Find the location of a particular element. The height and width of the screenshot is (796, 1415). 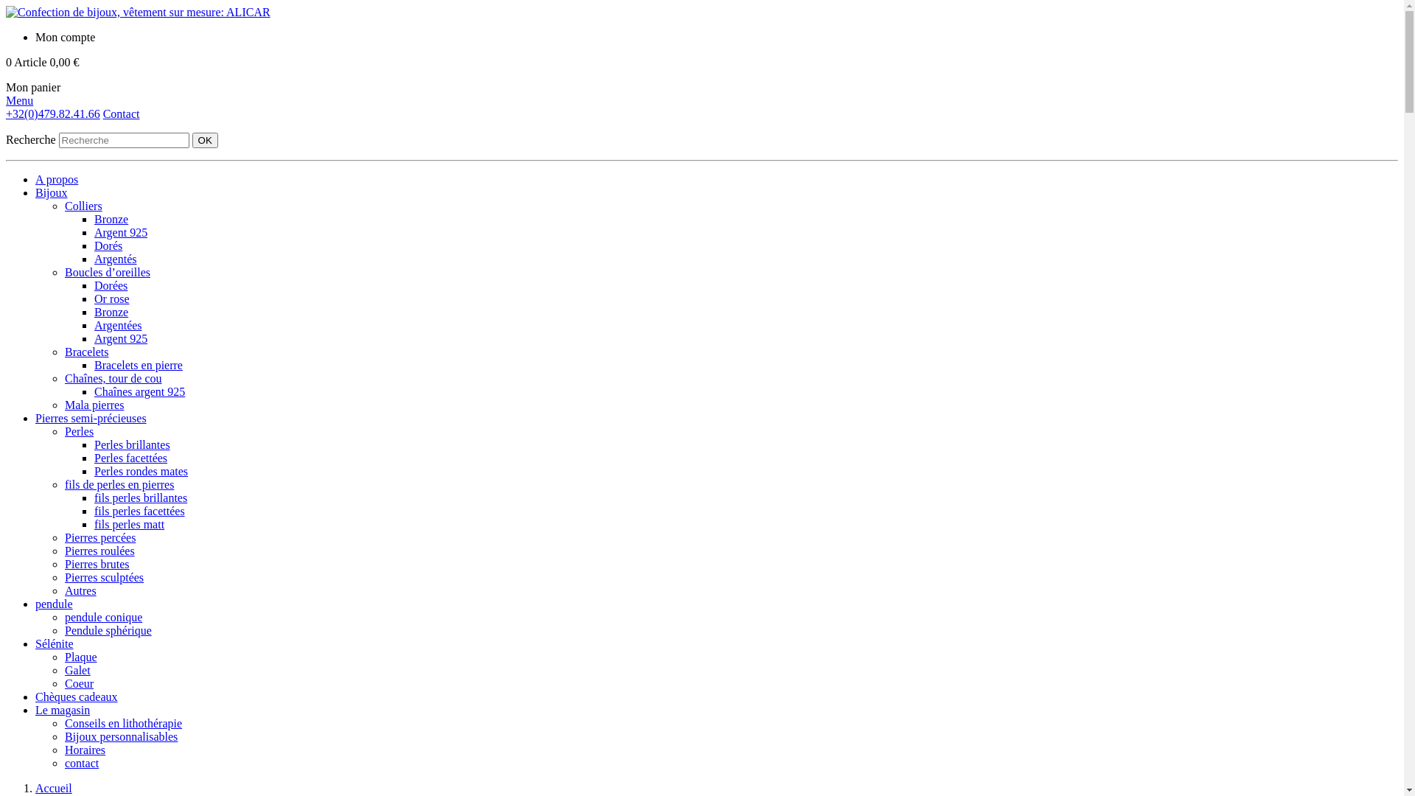

'Accueil' is located at coordinates (53, 787).